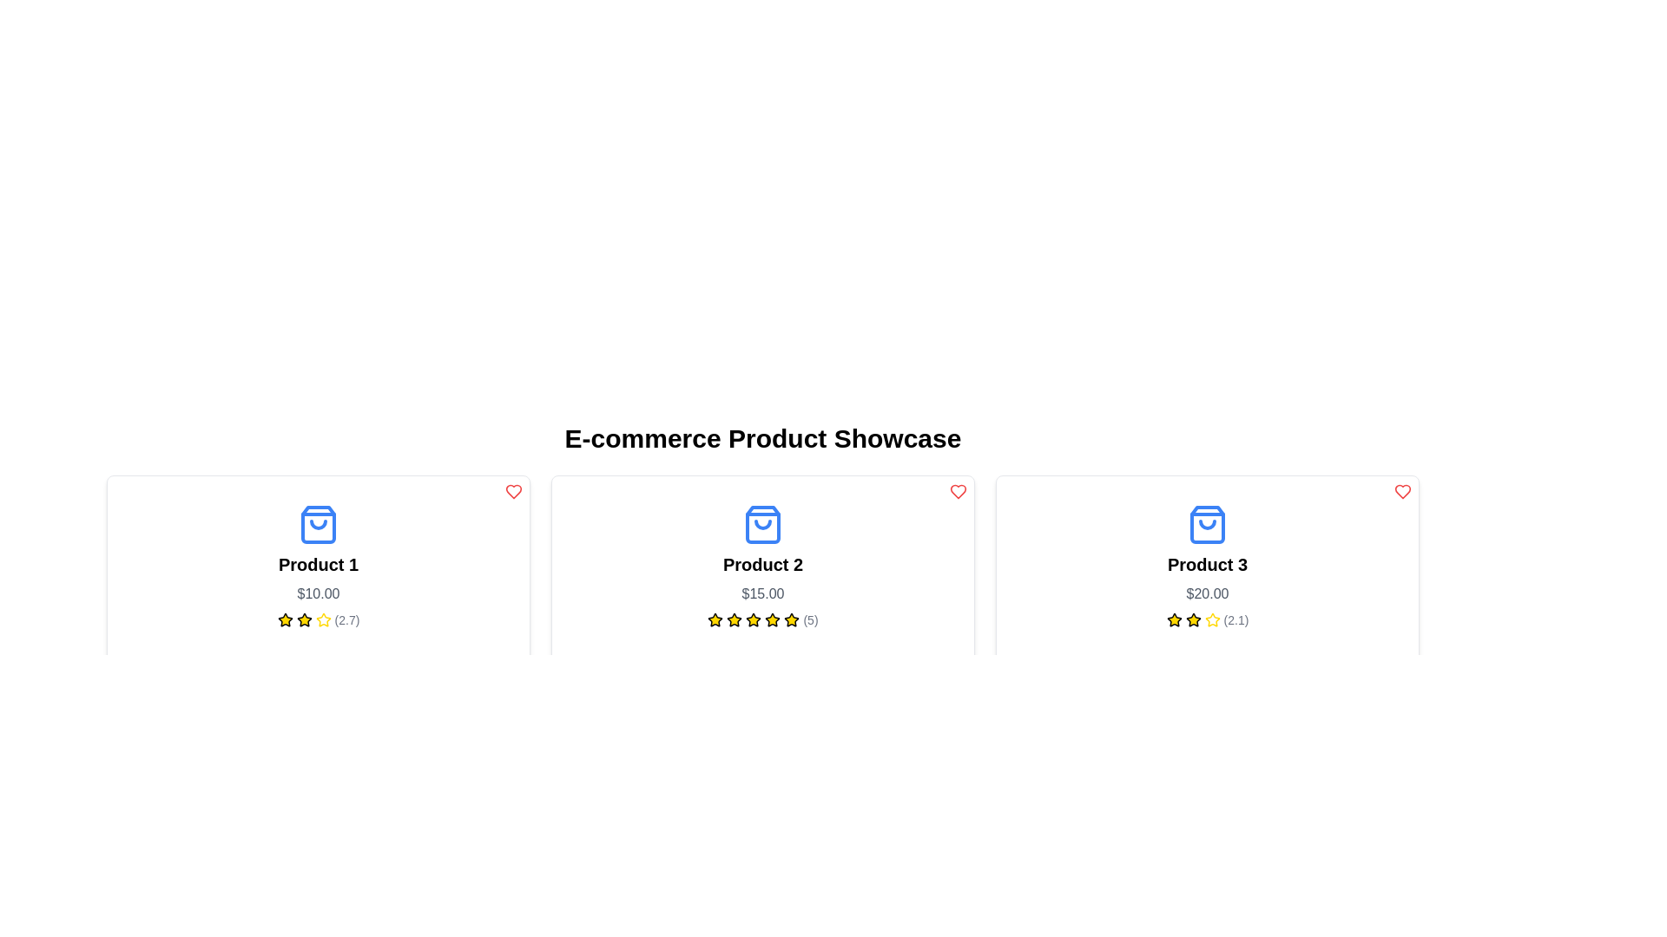  I want to click on the third star in the 5-star rating system for Product 2, located directly beneath the title 'Product 2' and price '$15.00', so click(772, 619).